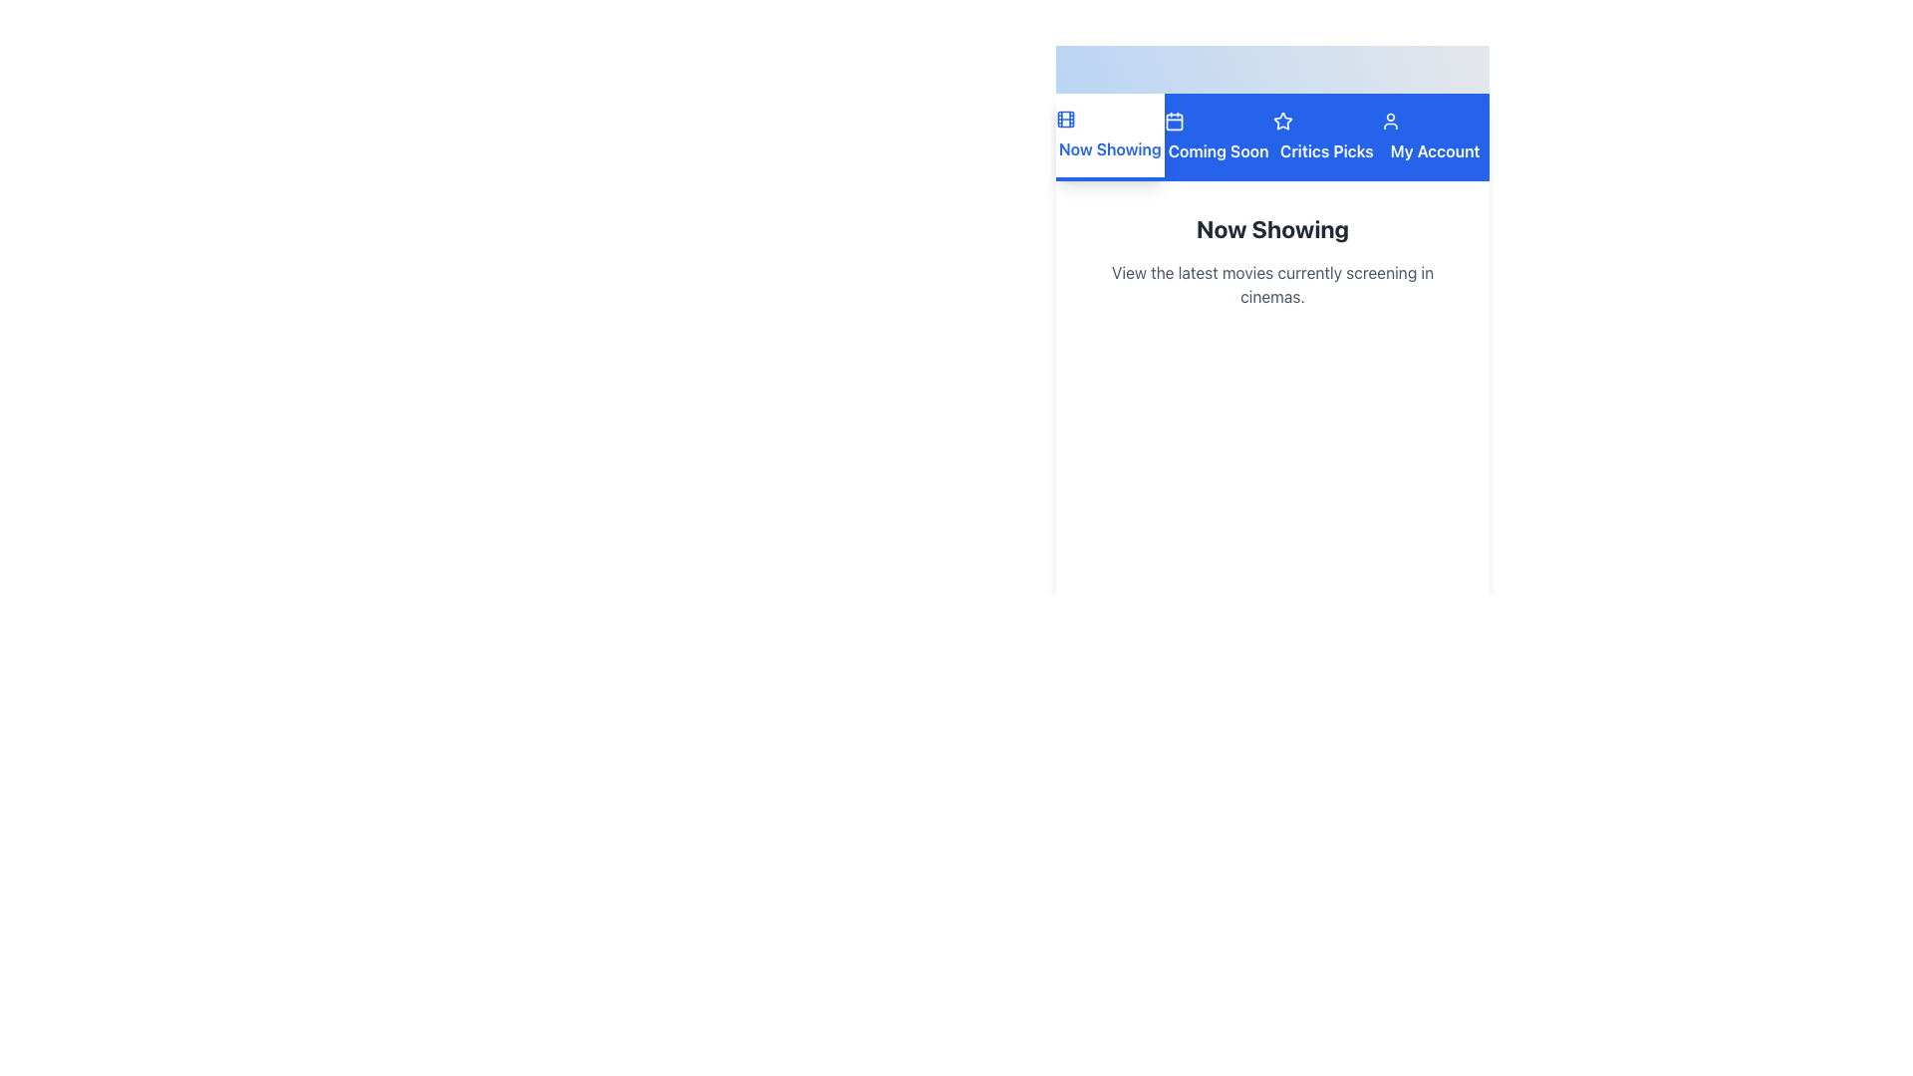 Image resolution: width=1913 pixels, height=1076 pixels. What do you see at coordinates (1109, 136) in the screenshot?
I see `the navigational button that directs users to the 'Now Showing' section of the application` at bounding box center [1109, 136].